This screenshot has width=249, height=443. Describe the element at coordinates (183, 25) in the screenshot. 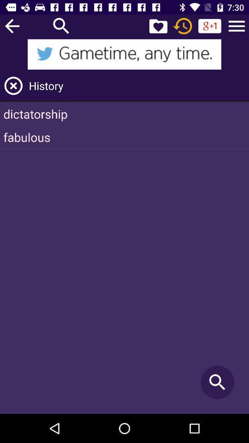

I see `the history icon` at that location.